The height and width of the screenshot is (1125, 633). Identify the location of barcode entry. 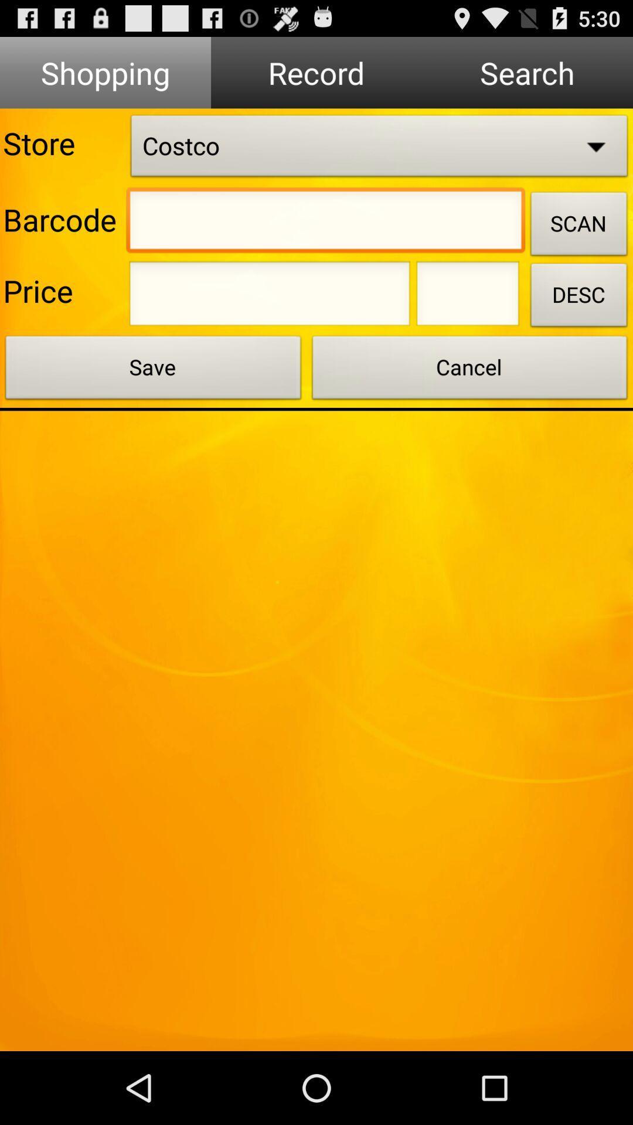
(325, 223).